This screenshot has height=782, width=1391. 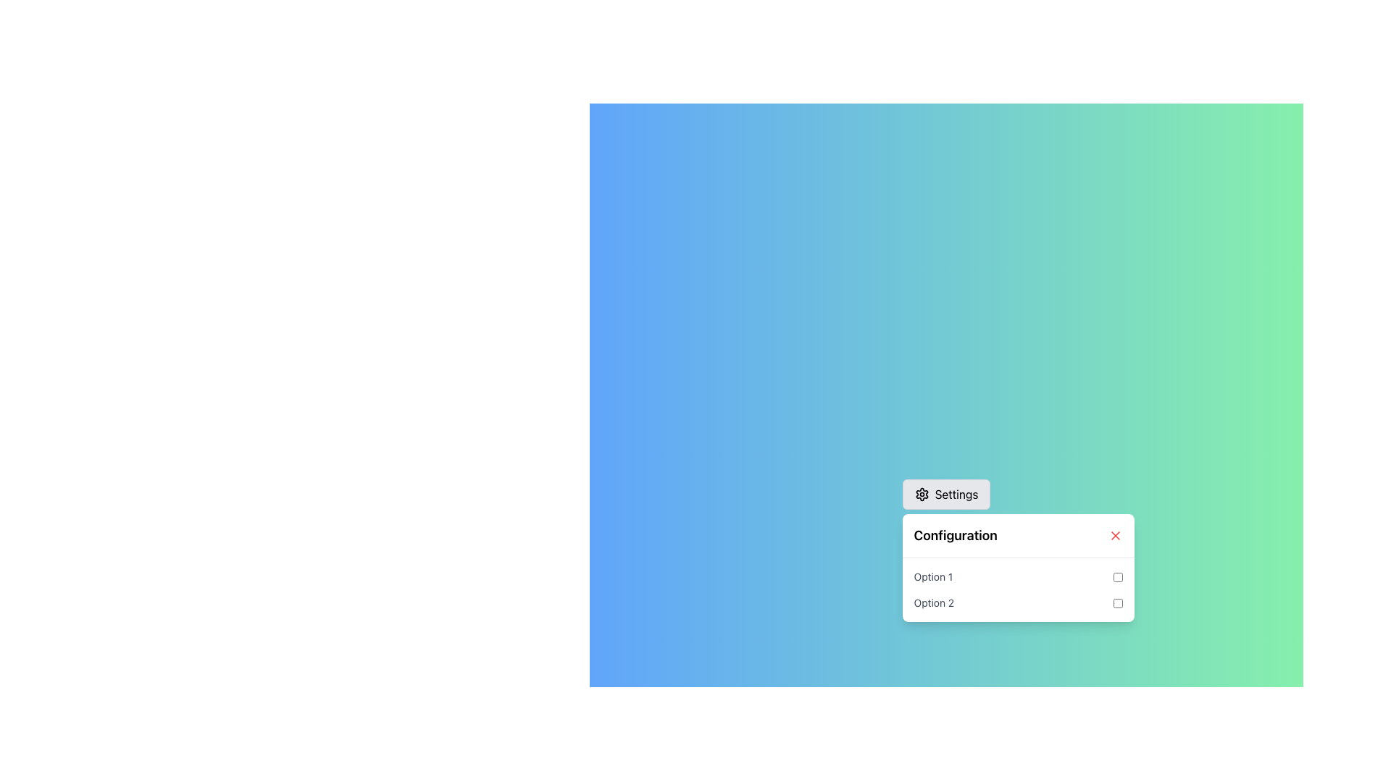 What do you see at coordinates (946, 493) in the screenshot?
I see `the 'Settings' button with a gear icon` at bounding box center [946, 493].